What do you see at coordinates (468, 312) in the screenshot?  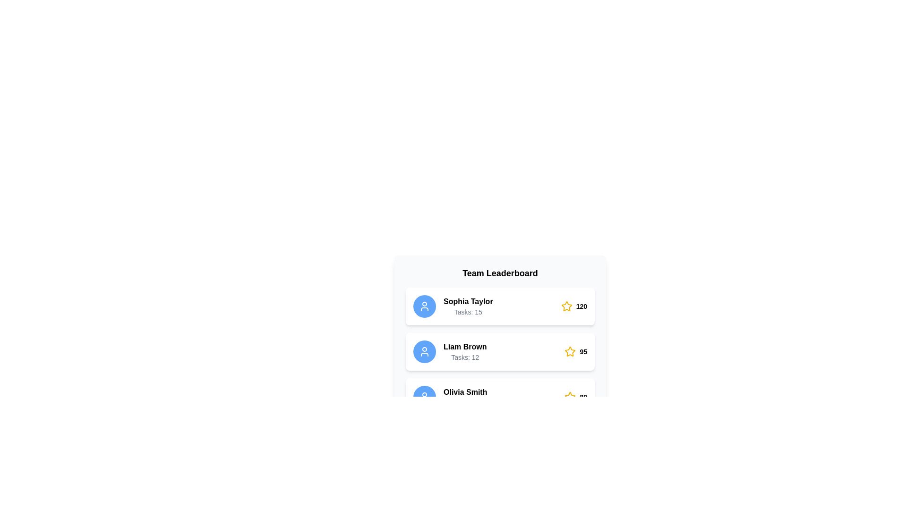 I see `the text element displaying 'Tasks: 15', which is located beneath 'Sophia Taylor' in the leaderboard entry` at bounding box center [468, 312].